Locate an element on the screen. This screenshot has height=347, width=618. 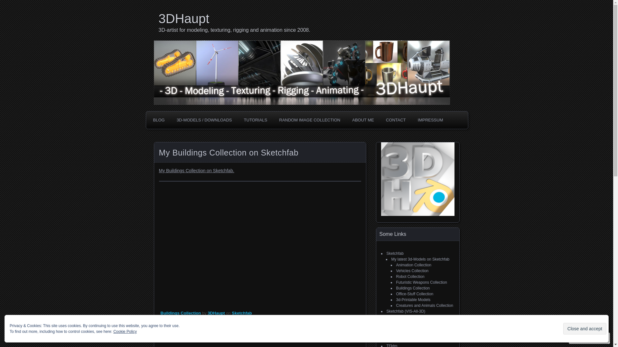
'Cookie Policy' is located at coordinates (125, 332).